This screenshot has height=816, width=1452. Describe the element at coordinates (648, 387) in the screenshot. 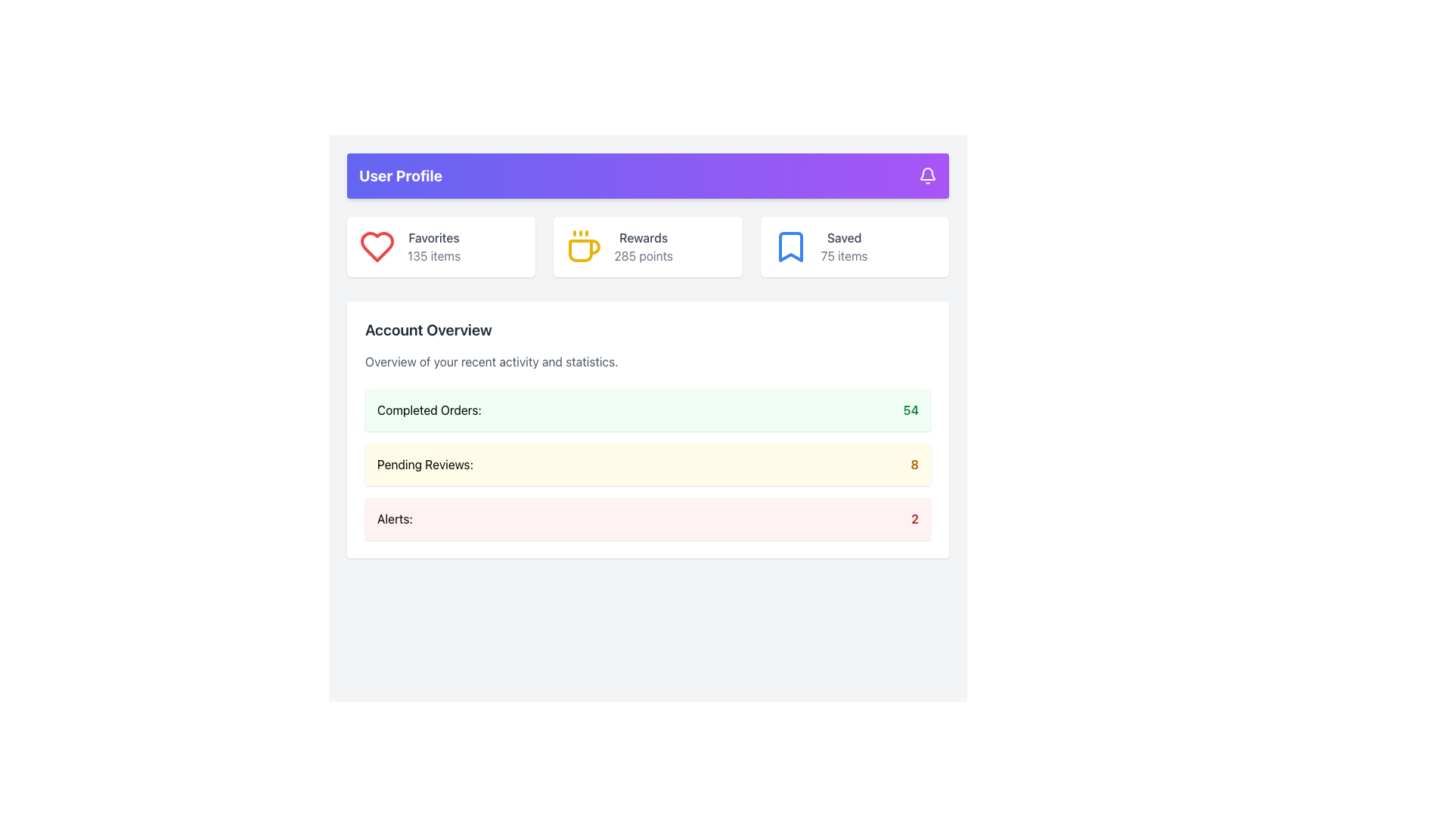

I see `displayed statistics in the Informational summary section located centrally on the user profile page below the overview statistics` at that location.